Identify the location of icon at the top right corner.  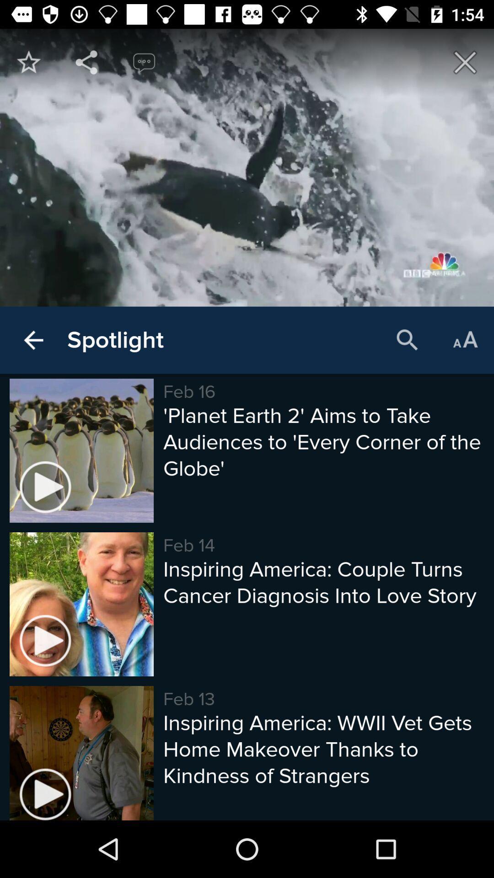
(465, 62).